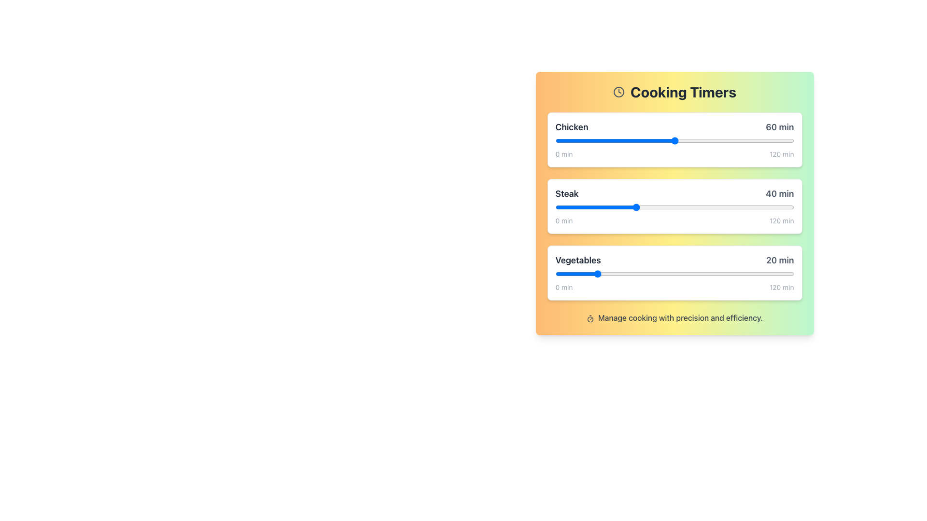  Describe the element at coordinates (782, 287) in the screenshot. I see `the textual label displaying '120 min' located at the far right end of the slider bar in the 'Vegetables' timer control` at that location.